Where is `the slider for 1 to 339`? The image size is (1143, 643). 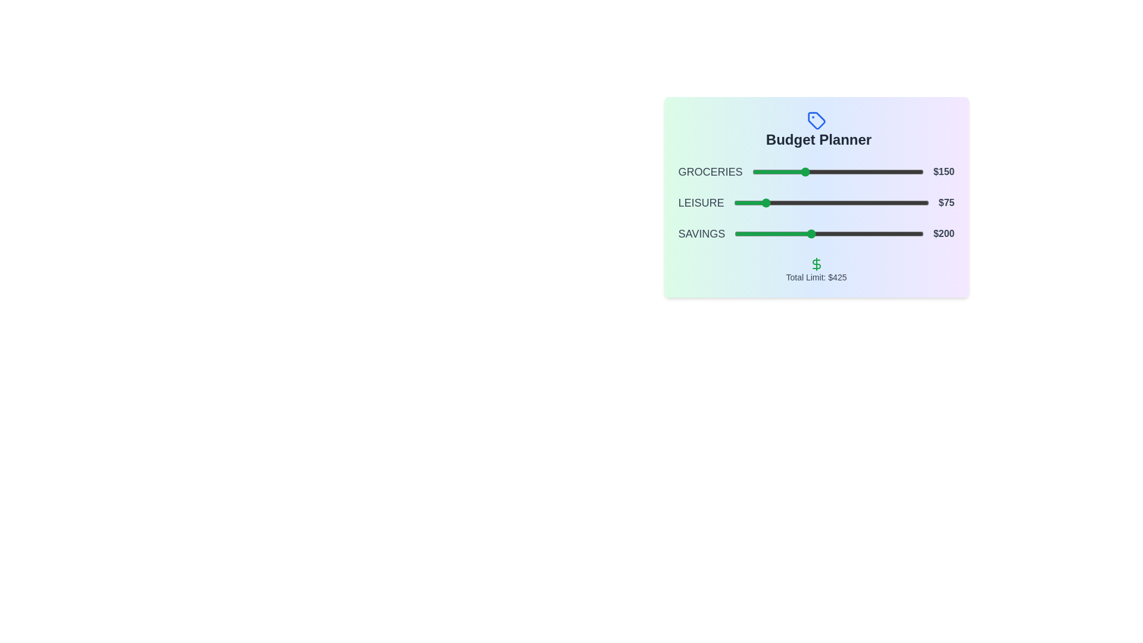
the slider for 1 to 339 is located at coordinates (869, 202).